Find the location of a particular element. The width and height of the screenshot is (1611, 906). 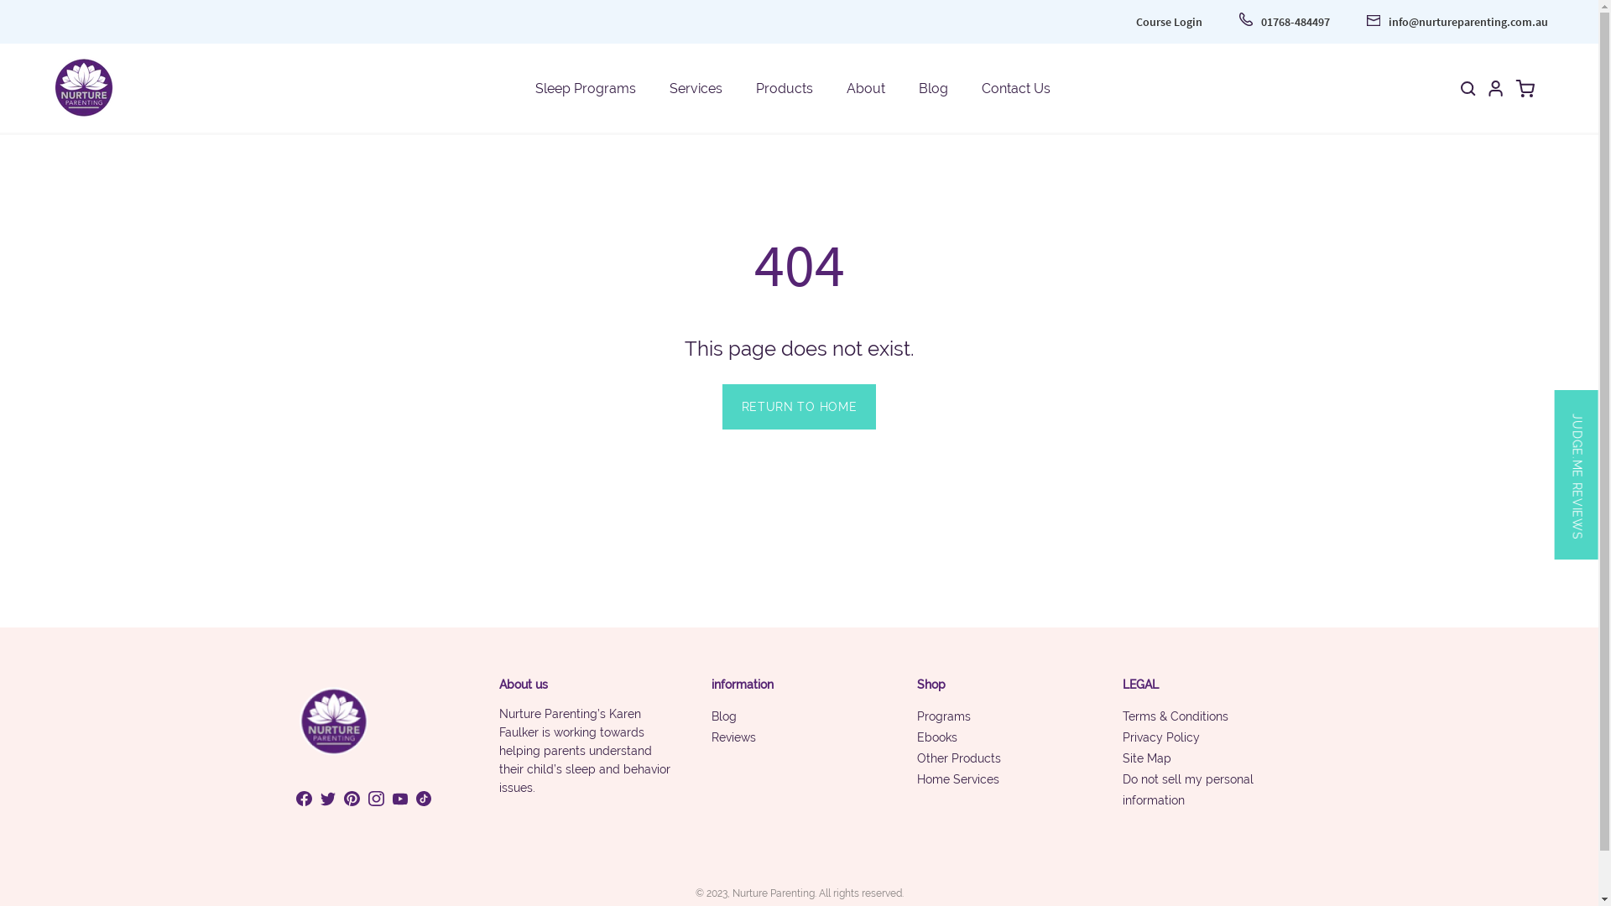

'My Account' is located at coordinates (1495, 87).